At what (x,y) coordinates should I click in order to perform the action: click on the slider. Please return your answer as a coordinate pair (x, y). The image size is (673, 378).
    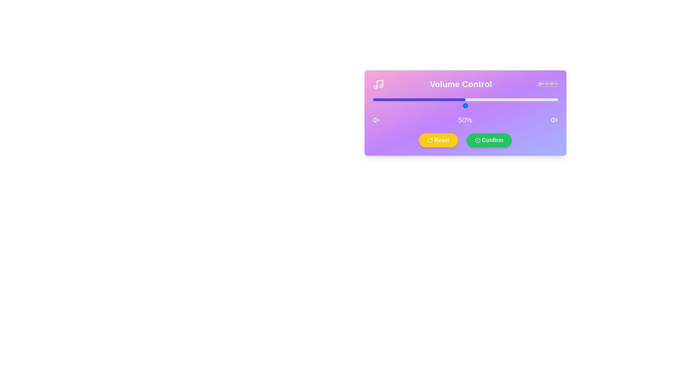
    Looking at the image, I should click on (408, 105).